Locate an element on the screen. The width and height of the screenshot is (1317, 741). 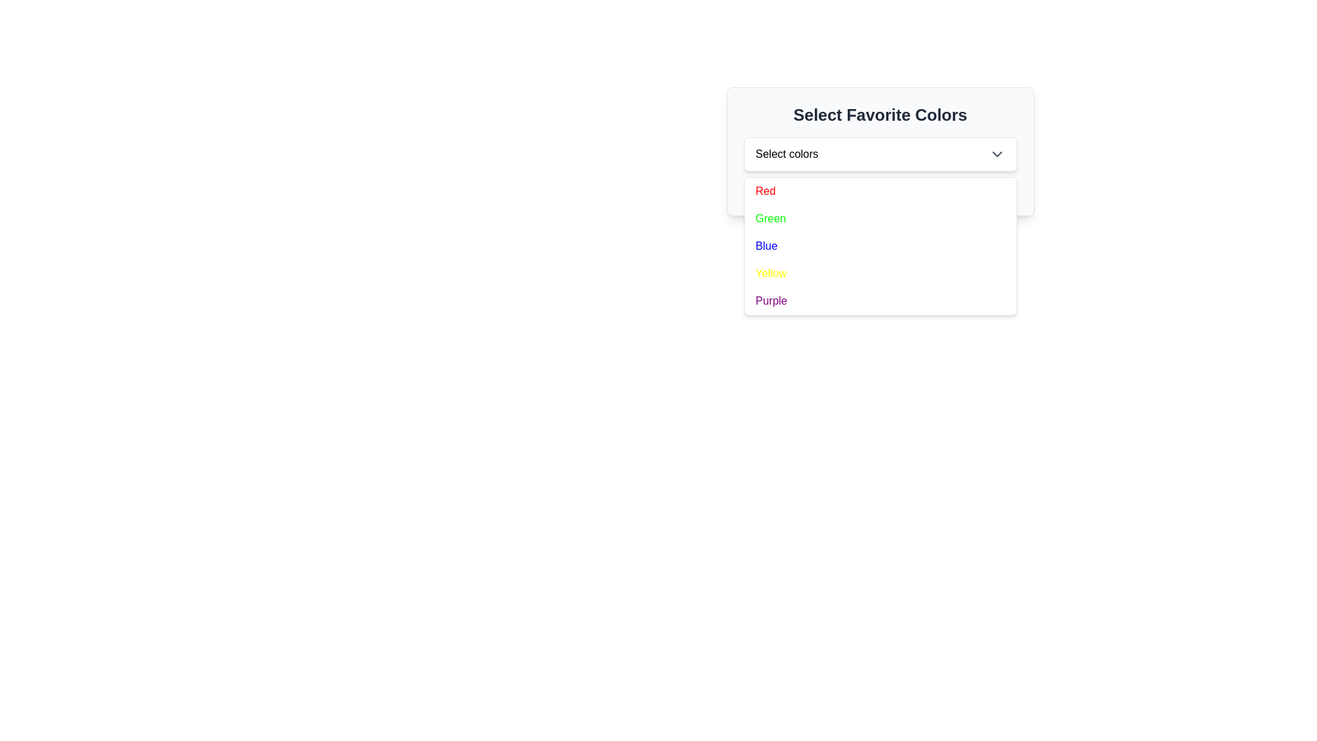
to select the 'Yellow' option in the dropdown menu, which is styled in bright yellow and is the fourth item in the list under 'Select Favorite Colors.' is located at coordinates (771, 273).